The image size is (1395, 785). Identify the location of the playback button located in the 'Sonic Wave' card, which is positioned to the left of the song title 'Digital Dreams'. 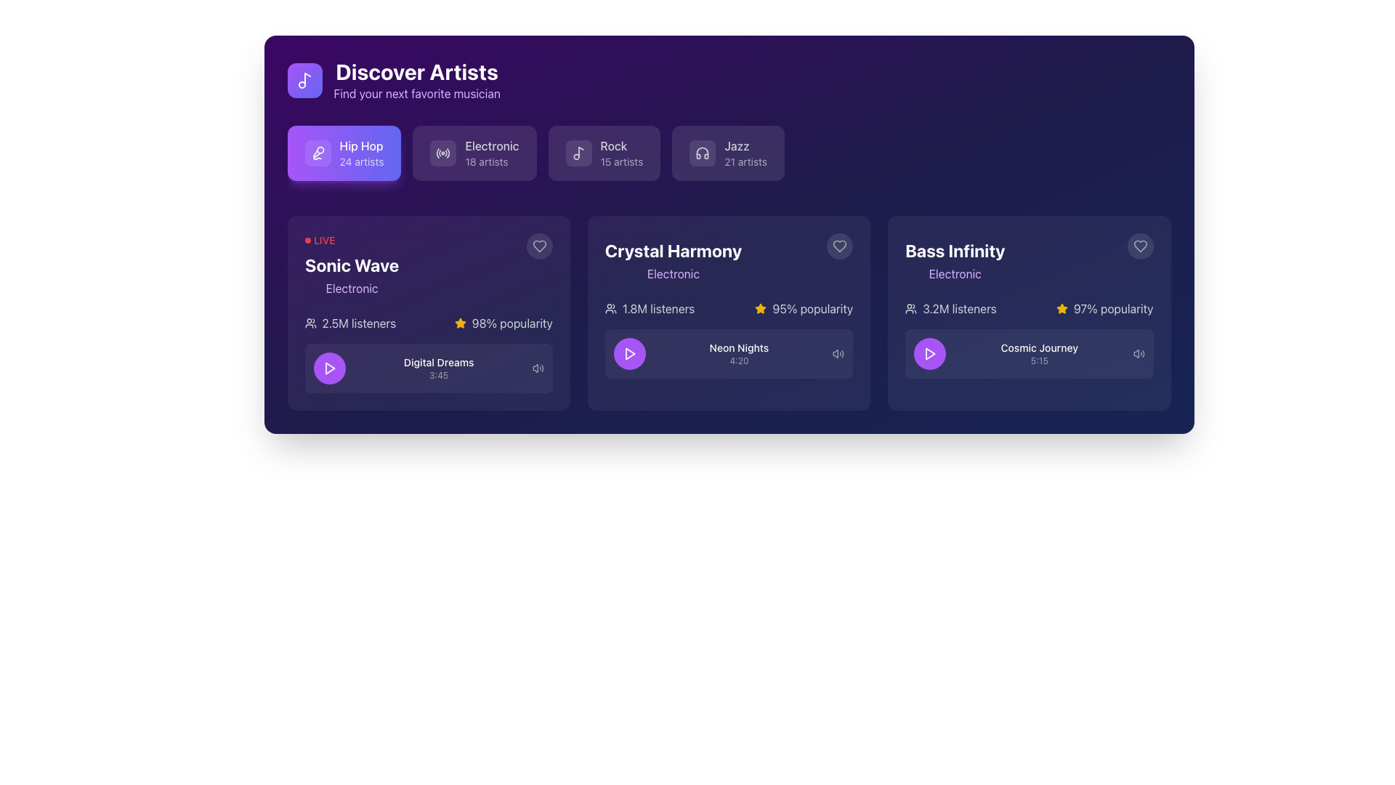
(328, 367).